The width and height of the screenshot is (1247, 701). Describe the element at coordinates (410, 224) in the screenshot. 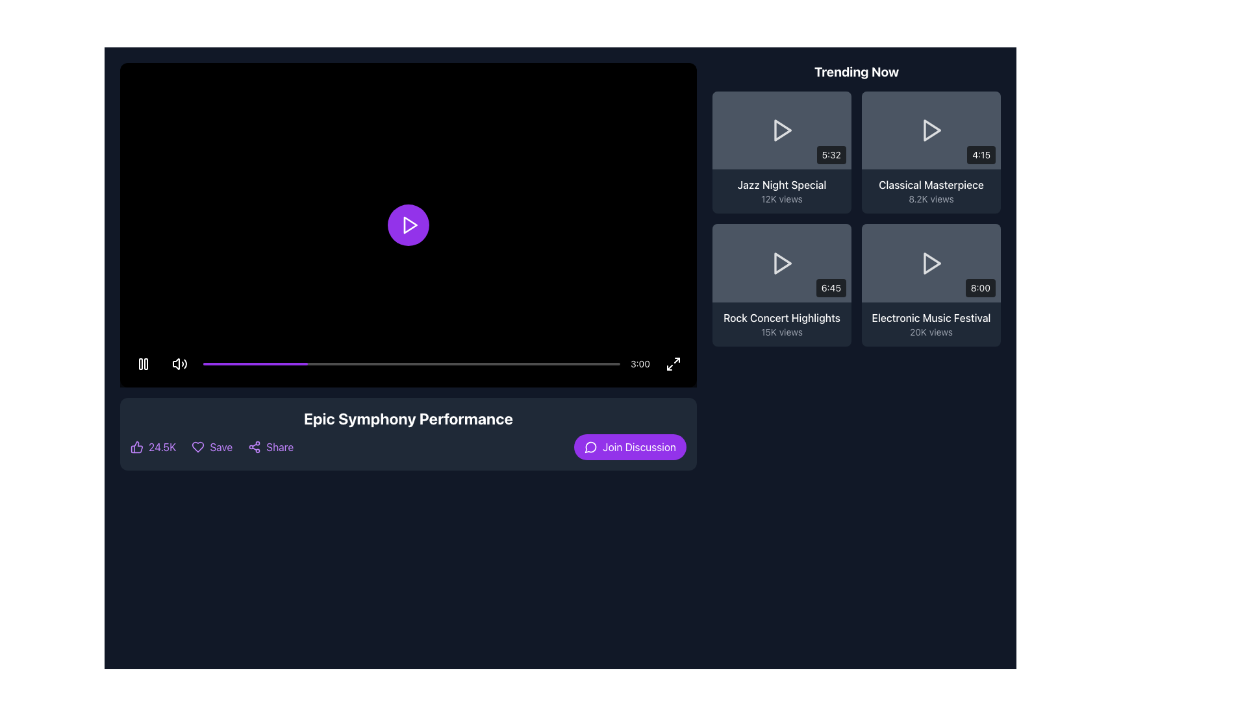

I see `the triangular play icon located within the circular purple button at the center of the black video player area to play the video` at that location.